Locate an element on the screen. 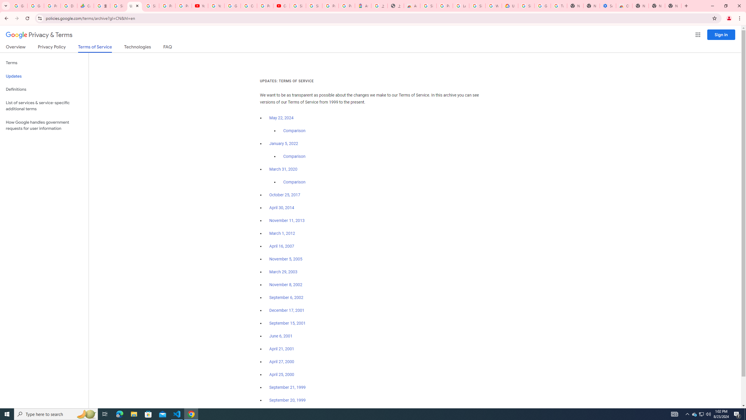 This screenshot has width=746, height=420. 'Settings - Accessibility' is located at coordinates (607, 6).